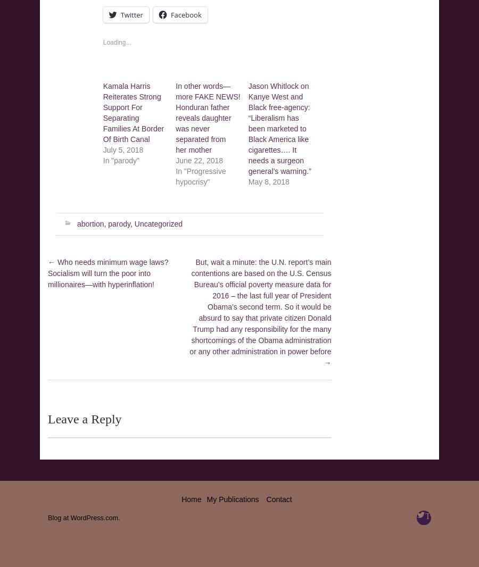  I want to click on 'But, wait a minute: the U.N. report’s main contentions are based on the U.S. Census Bureau’s official poverty measure data for 2016 – the last full year of President Obama’s second term. So it would be absurd to say that private citizen Donald Trump had any responsibility for the many shortcomings of the Obama administration or any other administration in power before', so click(259, 305).